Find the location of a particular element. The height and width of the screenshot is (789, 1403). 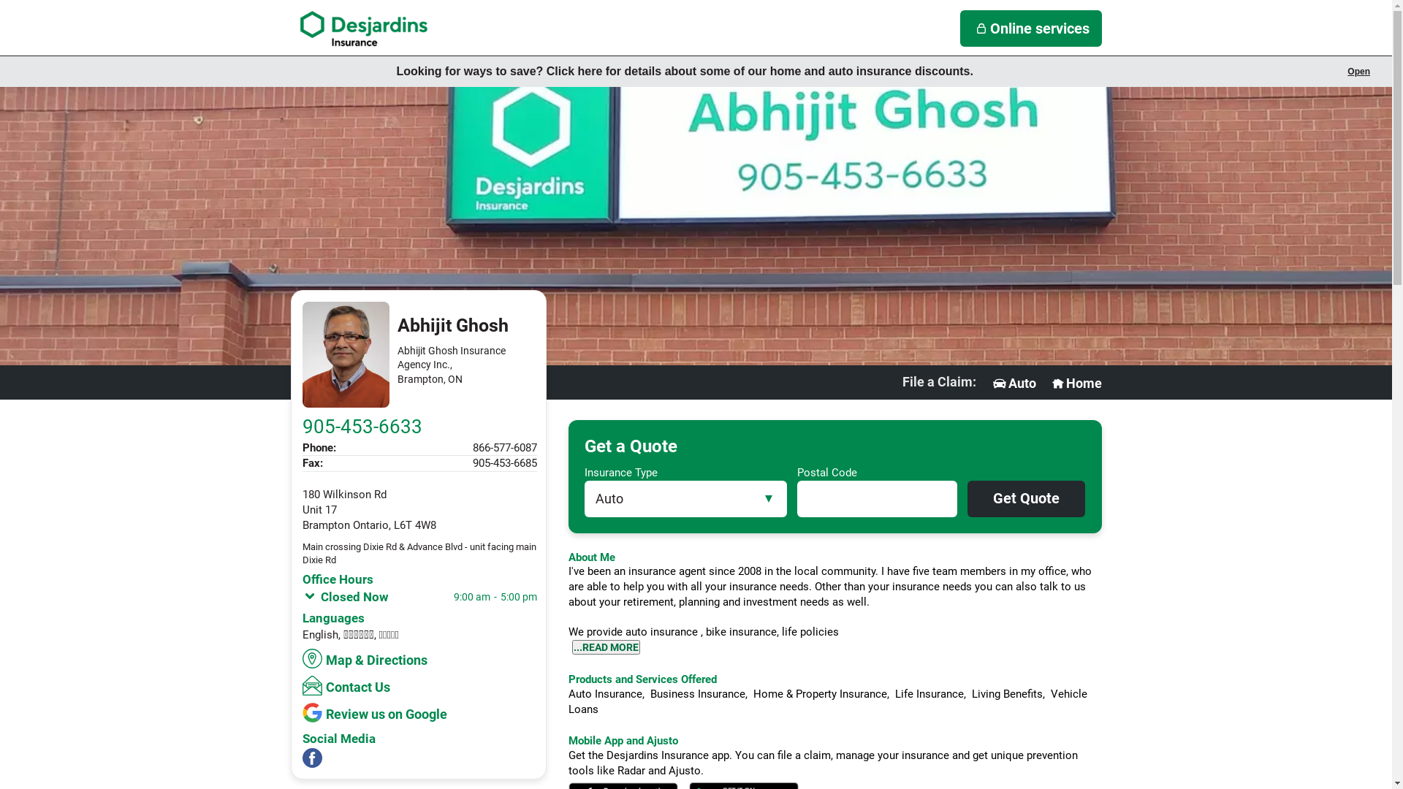

'866-577-6087' is located at coordinates (504, 447).